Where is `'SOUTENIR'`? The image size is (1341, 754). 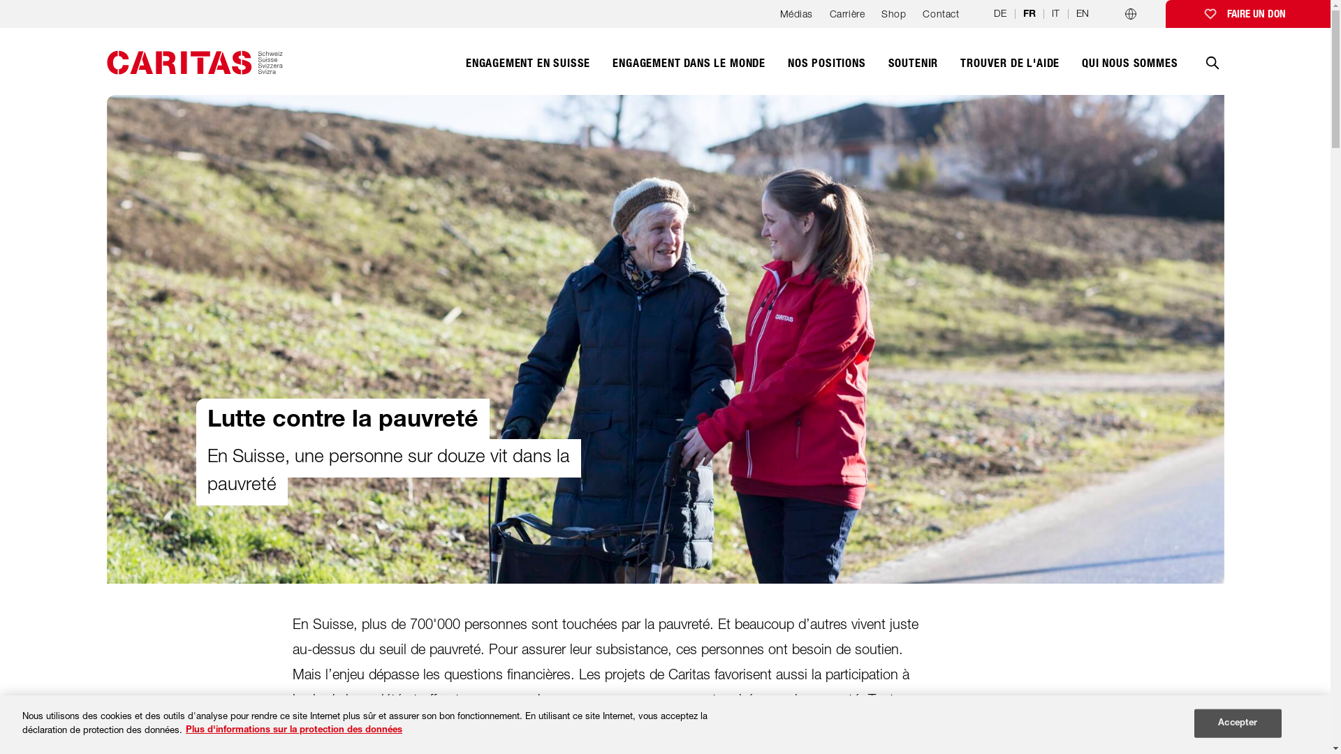 'SOUTENIR' is located at coordinates (913, 71).